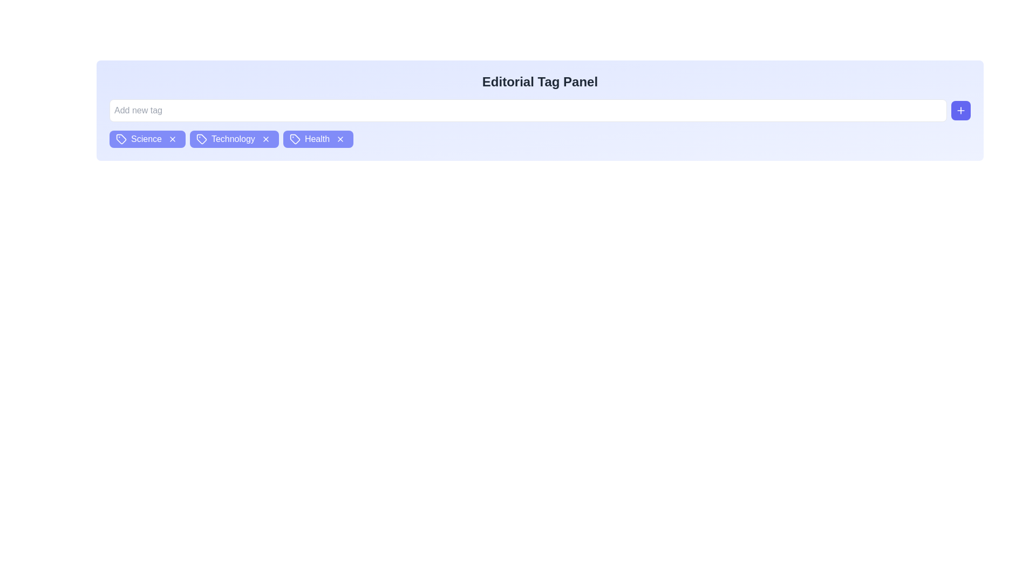  What do you see at coordinates (960, 110) in the screenshot?
I see `the small square button with rounded corners and a white plus icon, located on the right side of the 'Add new tag' input bar in the 'Editorial Tag Panel'` at bounding box center [960, 110].